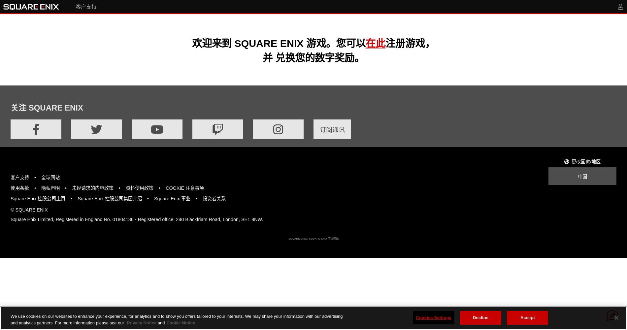 This screenshot has height=330, width=627. I want to click on 'COOKIE 注意事项', so click(184, 188).